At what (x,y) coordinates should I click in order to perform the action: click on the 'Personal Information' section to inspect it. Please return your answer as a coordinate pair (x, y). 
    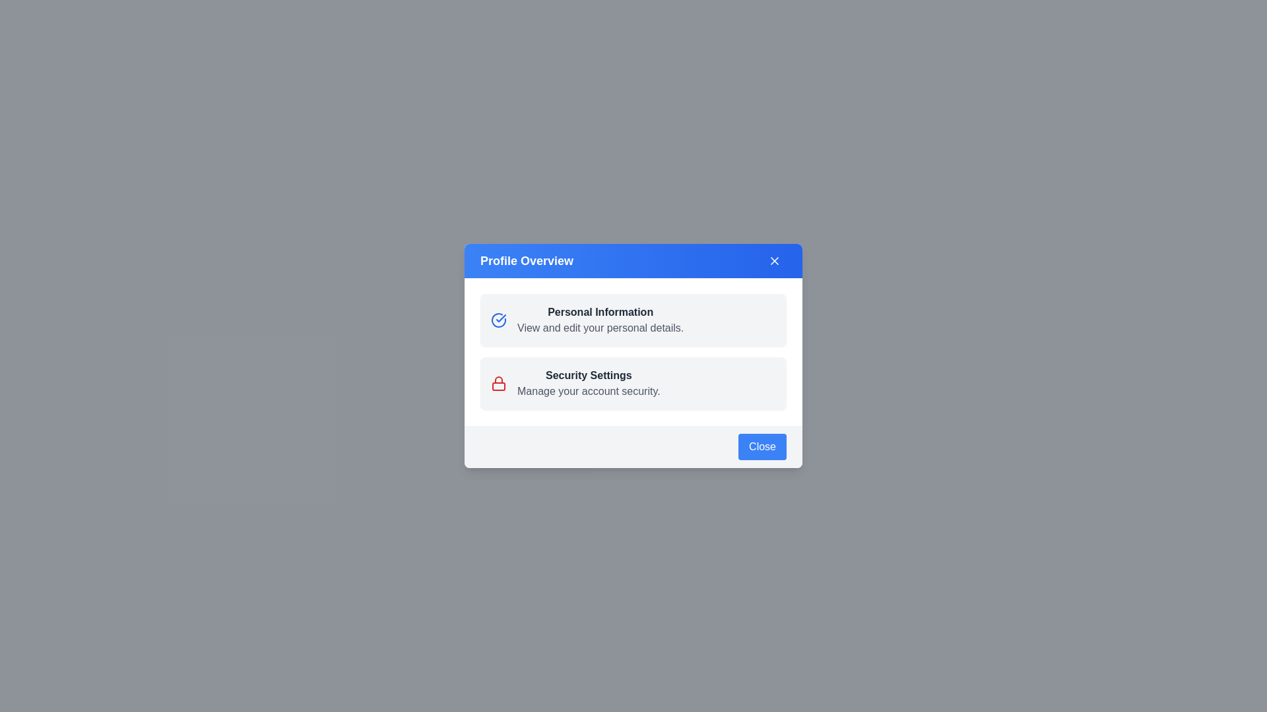
    Looking at the image, I should click on (600, 320).